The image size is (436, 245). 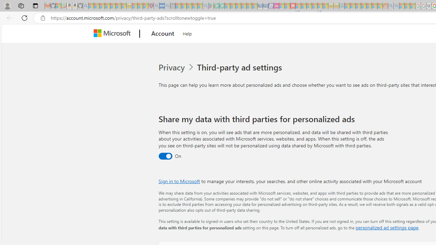 I want to click on 'Sign in to Microsoft', so click(x=179, y=181).